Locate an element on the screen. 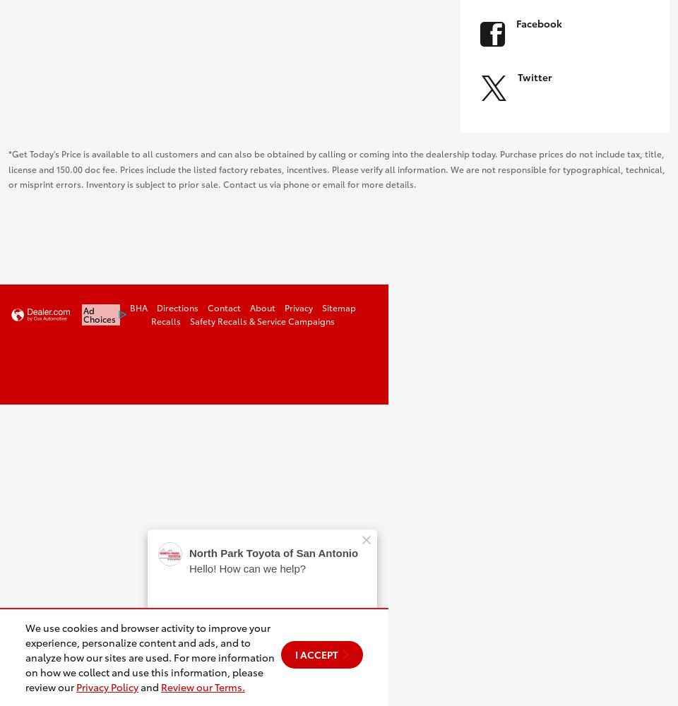 Image resolution: width=678 pixels, height=706 pixels. 'and' is located at coordinates (149, 686).